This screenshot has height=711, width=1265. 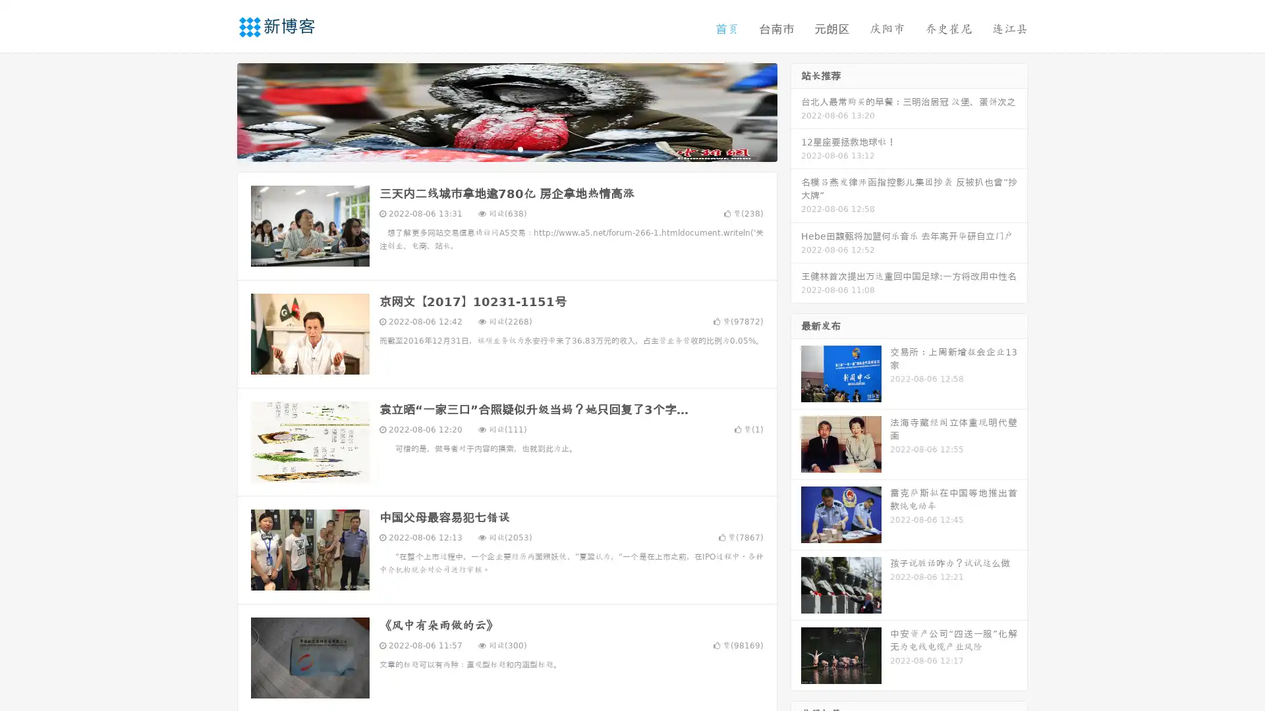 What do you see at coordinates (506, 148) in the screenshot?
I see `Go to slide 2` at bounding box center [506, 148].